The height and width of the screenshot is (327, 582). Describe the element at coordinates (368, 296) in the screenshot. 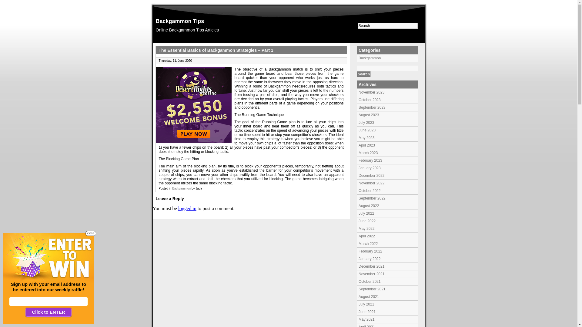

I see `'August 2021'` at that location.